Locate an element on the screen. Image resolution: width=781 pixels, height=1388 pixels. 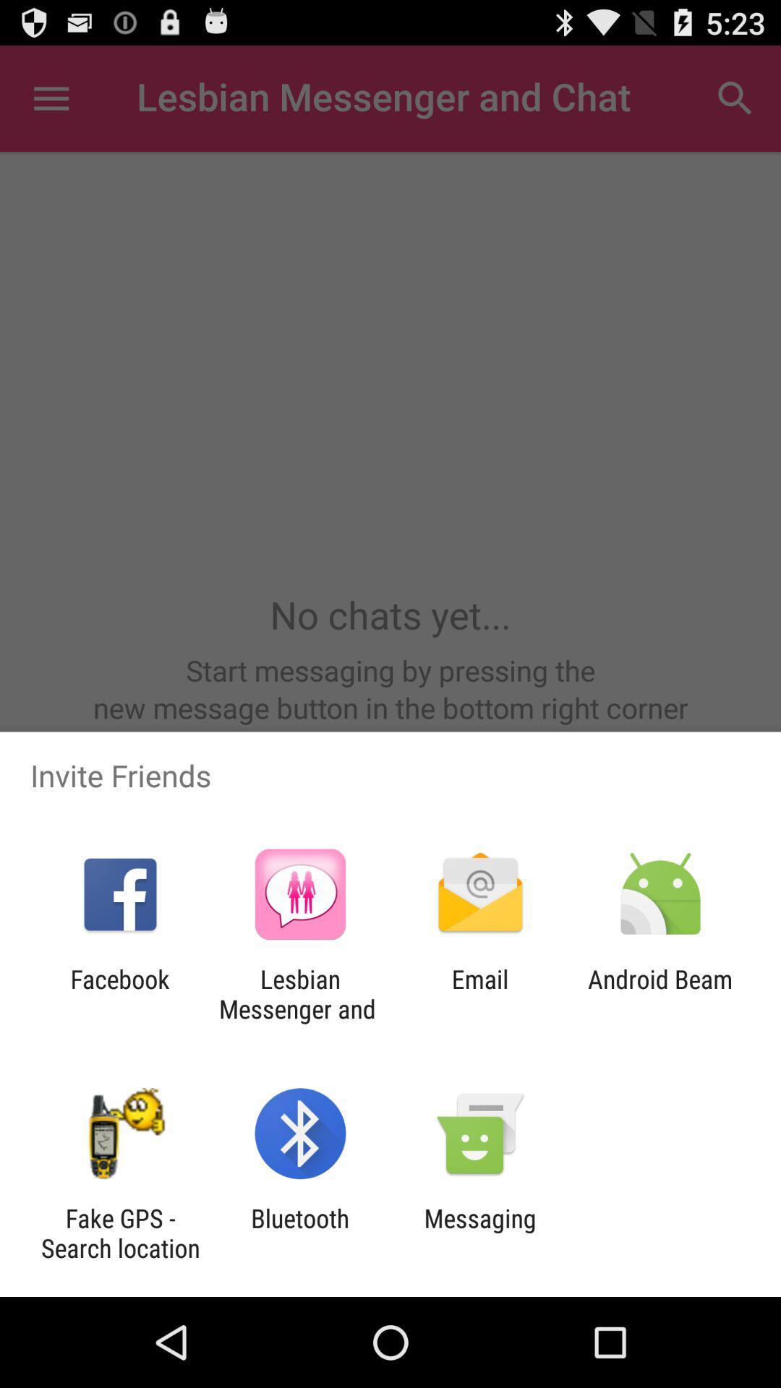
icon to the right of lesbian messenger and is located at coordinates (480, 993).